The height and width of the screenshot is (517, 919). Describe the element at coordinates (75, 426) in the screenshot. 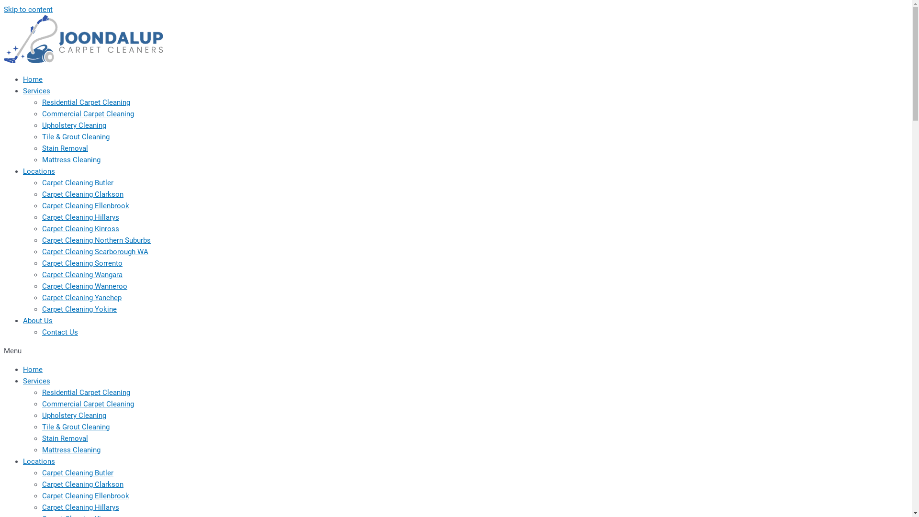

I see `'Tile & Grout Cleaning'` at that location.